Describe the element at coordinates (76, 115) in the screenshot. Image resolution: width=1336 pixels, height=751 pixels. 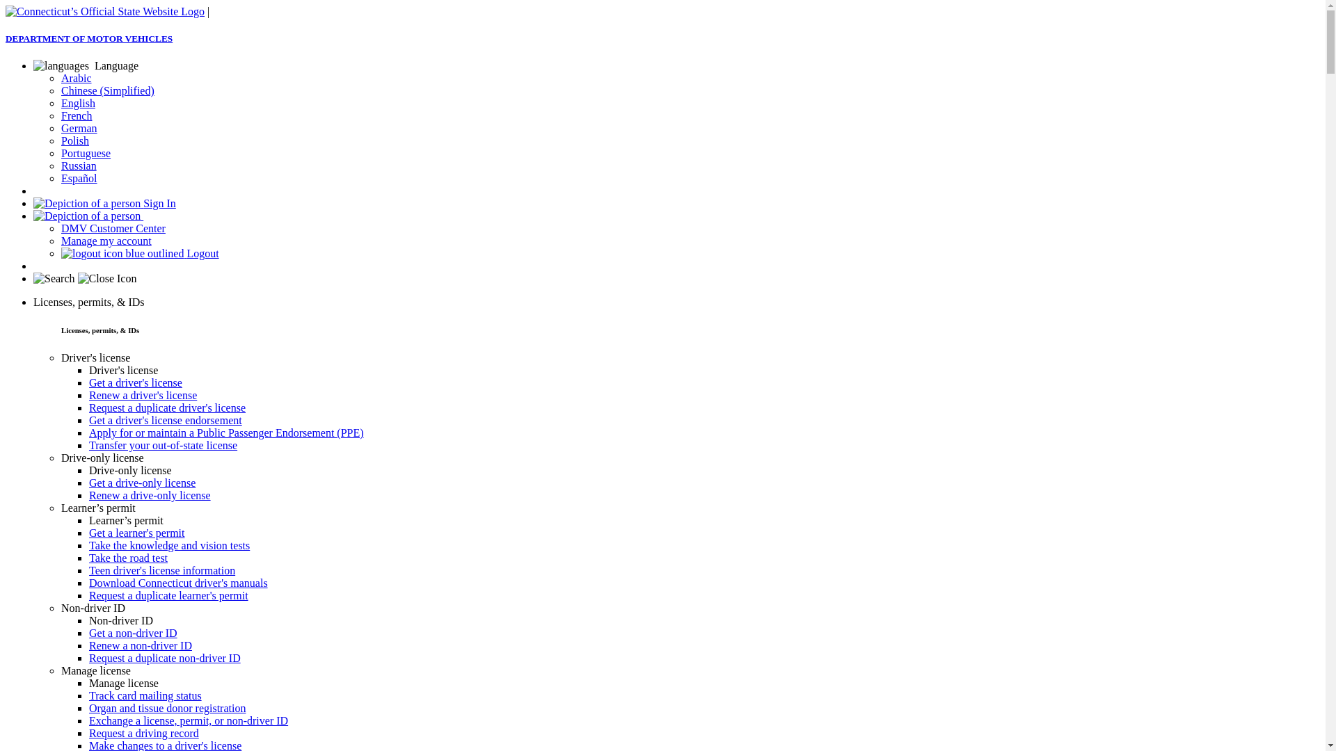
I see `'French'` at that location.